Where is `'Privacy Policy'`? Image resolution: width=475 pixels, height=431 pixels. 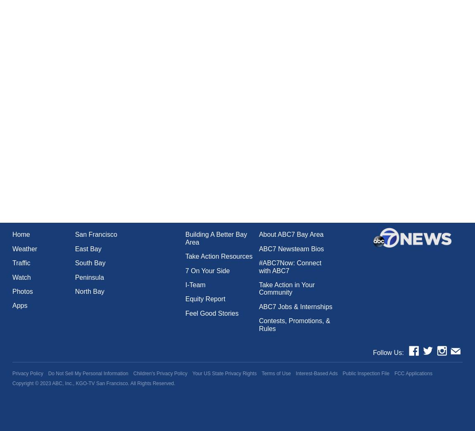 'Privacy Policy' is located at coordinates (27, 373).